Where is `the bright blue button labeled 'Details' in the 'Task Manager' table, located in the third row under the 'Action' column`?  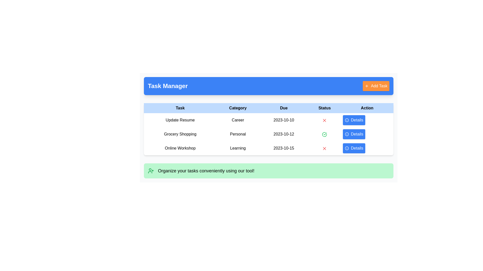 the bright blue button labeled 'Details' in the 'Task Manager' table, located in the third row under the 'Action' column is located at coordinates (367, 148).